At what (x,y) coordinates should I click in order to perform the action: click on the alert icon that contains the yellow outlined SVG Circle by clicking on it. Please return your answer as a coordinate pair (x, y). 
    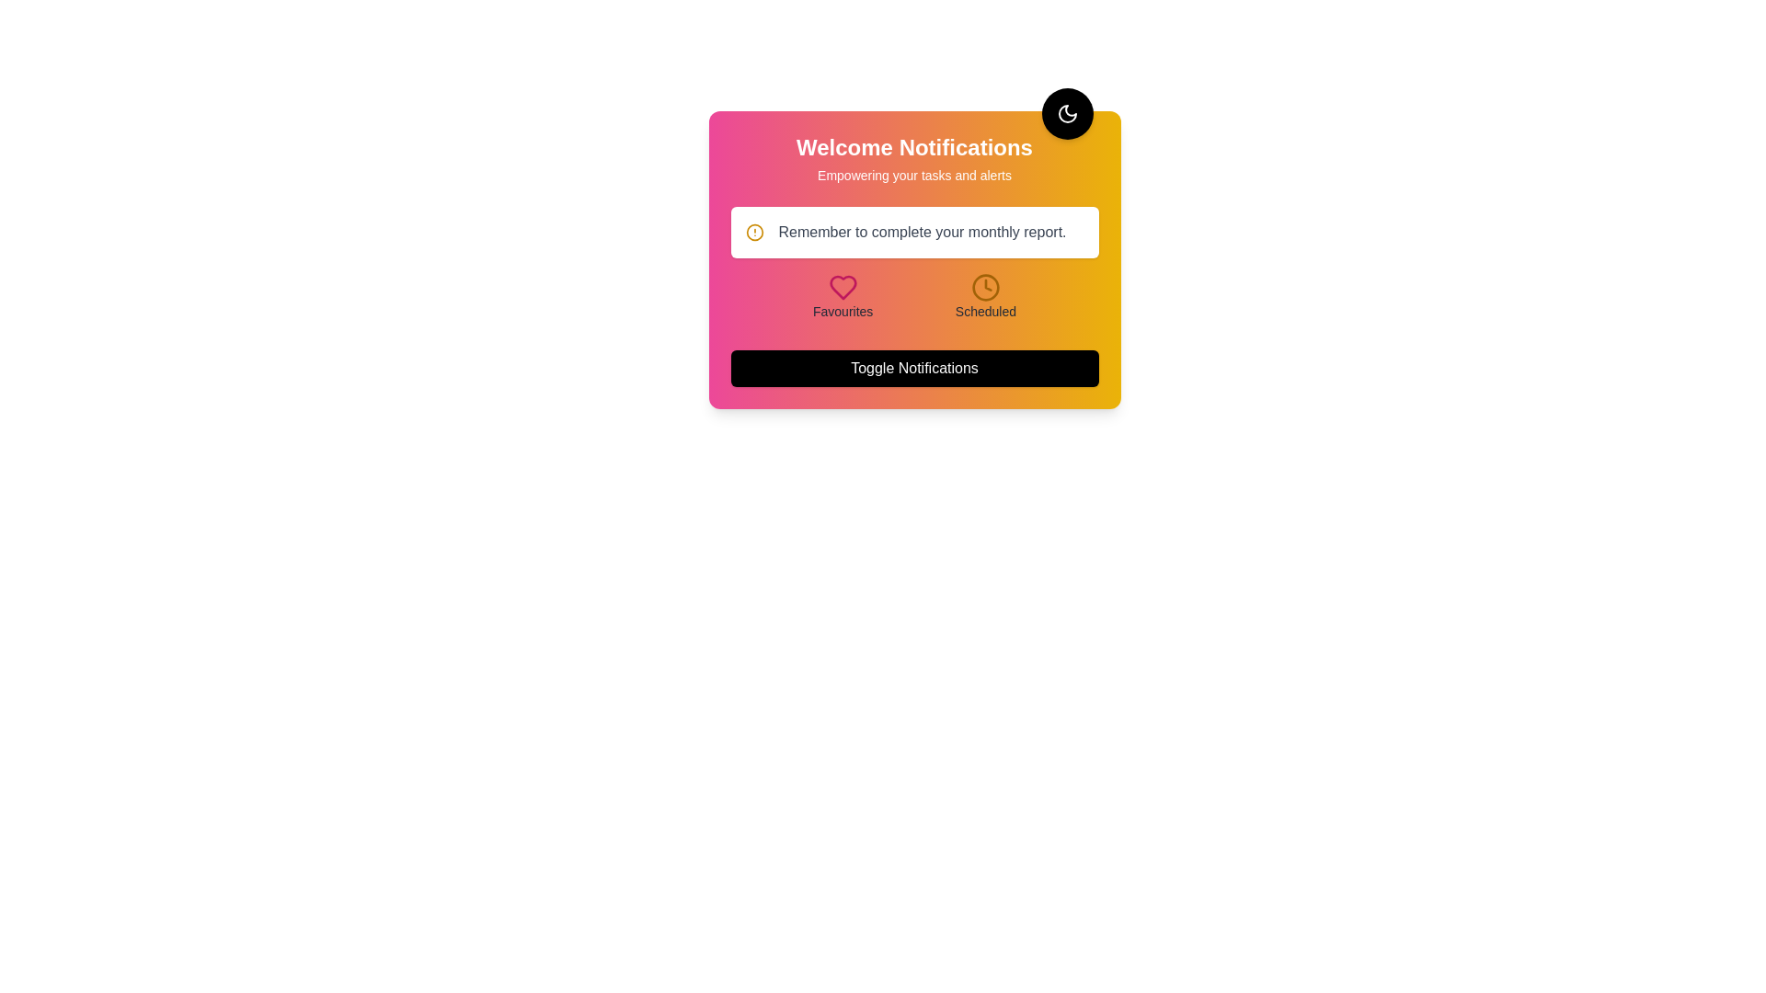
    Looking at the image, I should click on (754, 232).